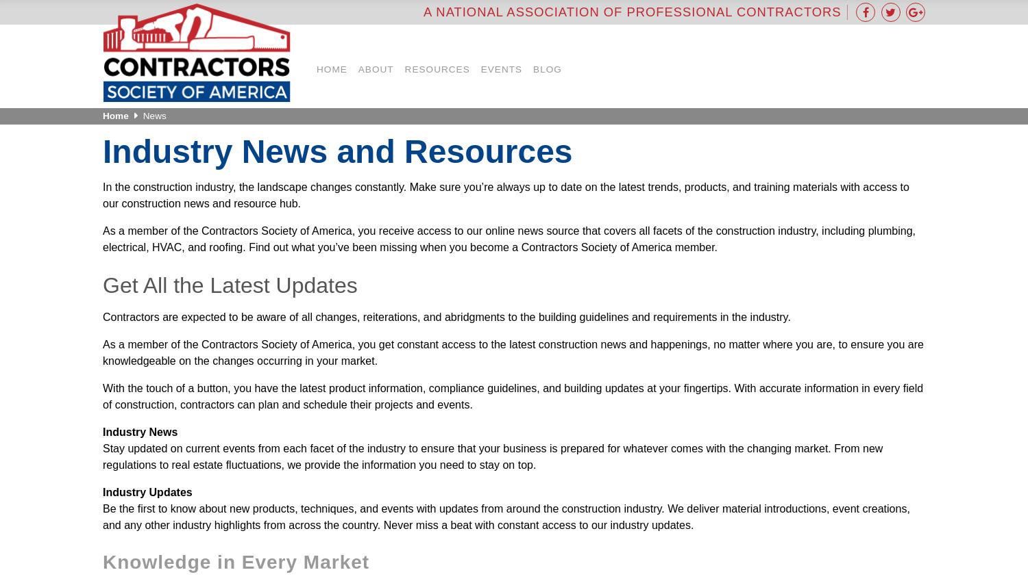  I want to click on 'With the touch of a button, you have the latest product information, compliance guidelines, and building updates at your fingertips. With accurate information in every field of construction, contractors can plan and schedule their projects and events.', so click(103, 396).